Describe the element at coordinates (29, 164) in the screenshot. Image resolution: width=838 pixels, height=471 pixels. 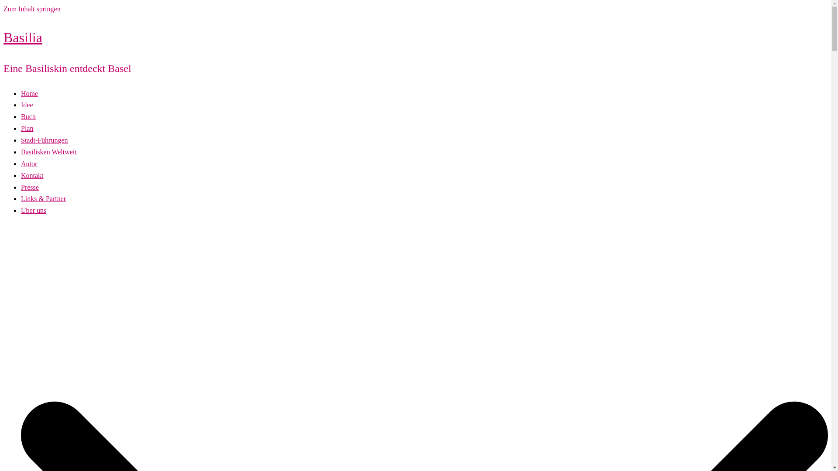
I see `'Autor'` at that location.